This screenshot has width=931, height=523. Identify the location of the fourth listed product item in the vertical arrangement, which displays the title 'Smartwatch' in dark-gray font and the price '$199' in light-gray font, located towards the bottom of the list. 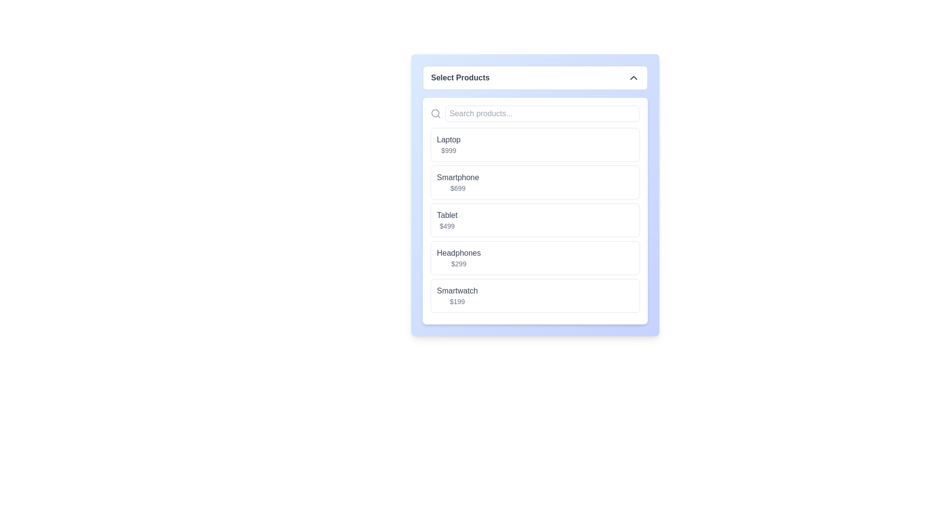
(457, 295).